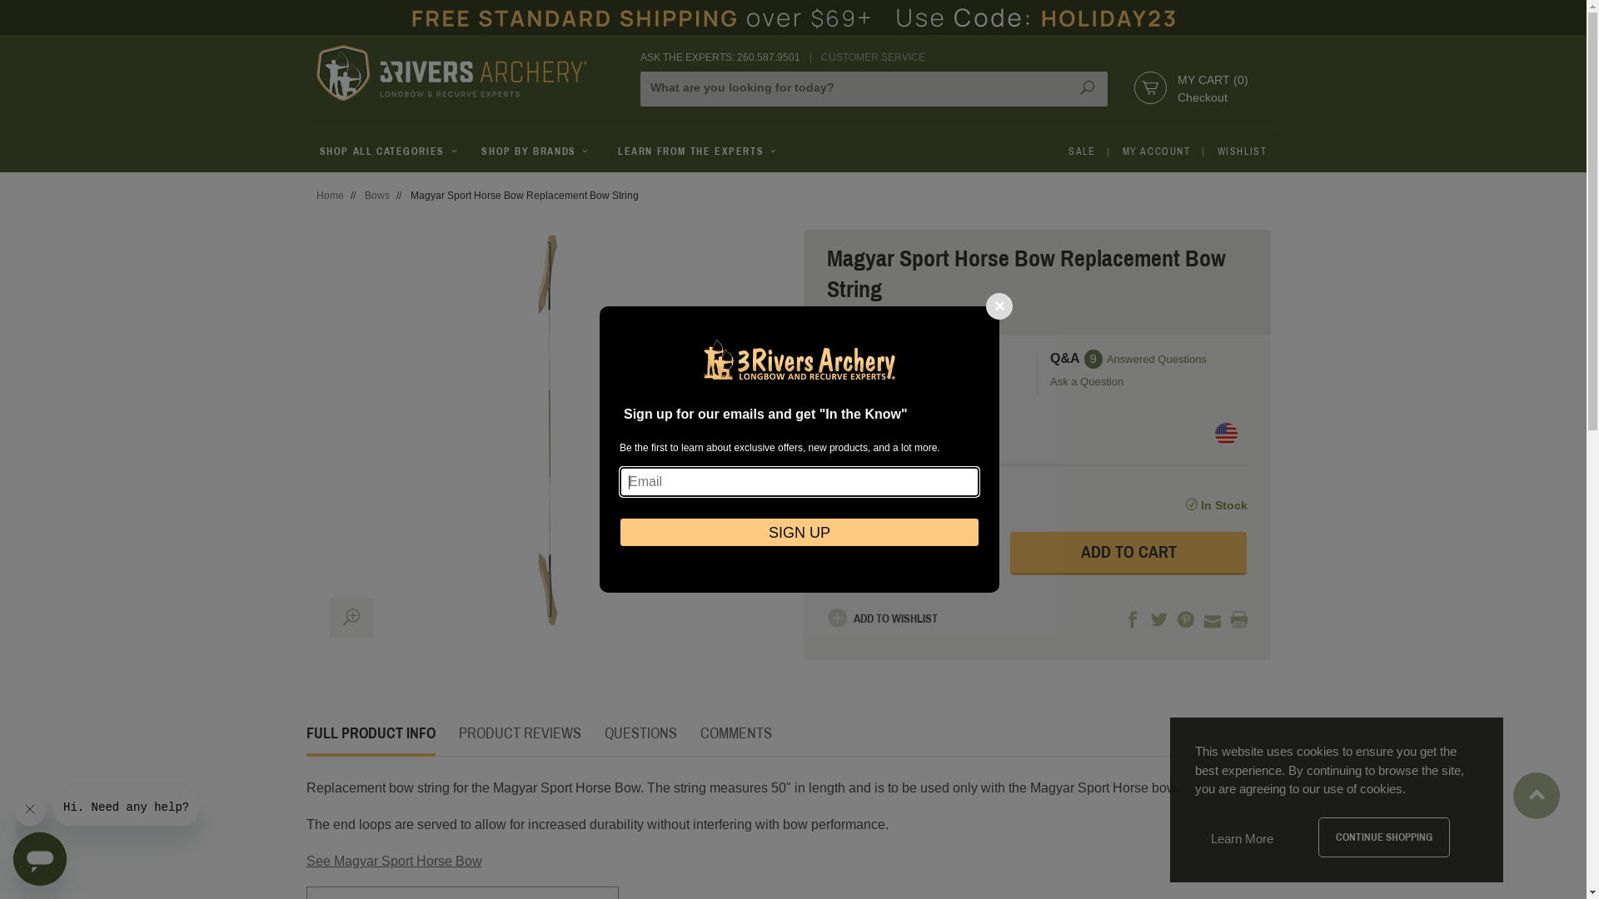 The image size is (1599, 899). I want to click on 'Print This Page', so click(1239, 620).